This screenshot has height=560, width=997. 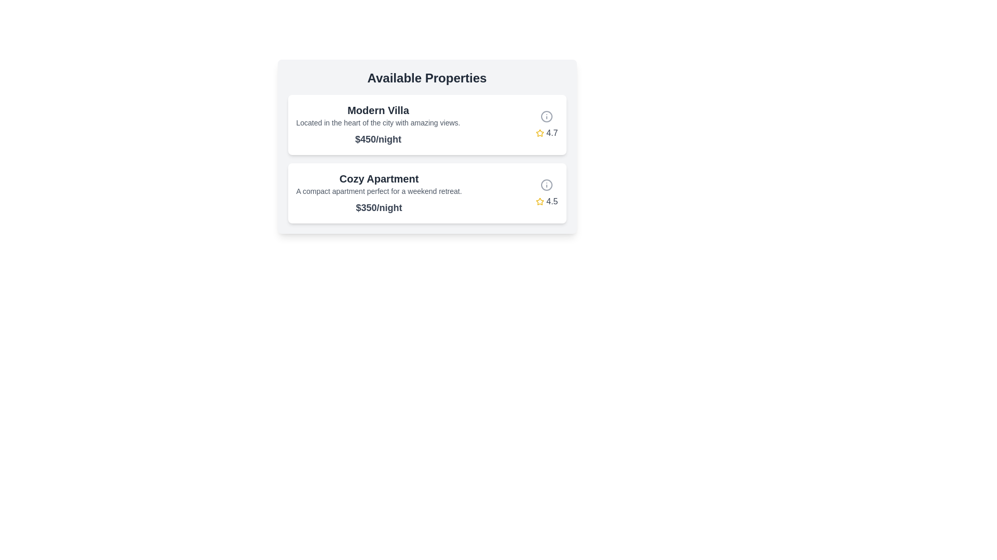 What do you see at coordinates (378, 191) in the screenshot?
I see `the text block displaying 'A compact apartment perfect for a weekend retreat.' which is located below the title 'Cozy Apartment'` at bounding box center [378, 191].